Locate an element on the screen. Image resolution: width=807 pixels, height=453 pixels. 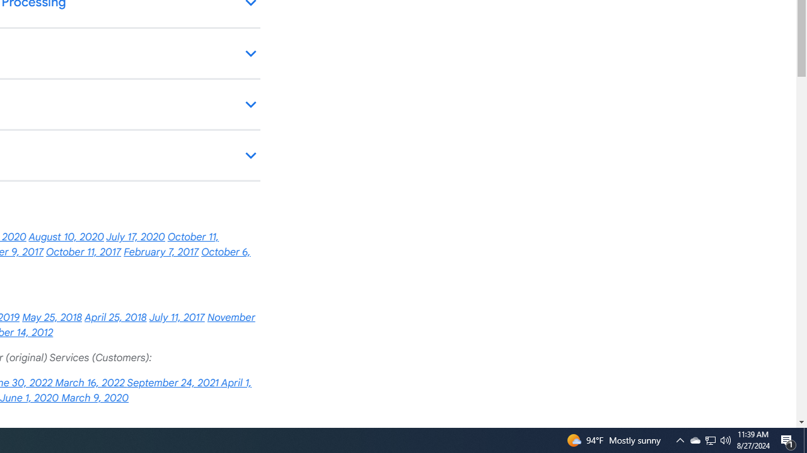
'August 10, 2020' is located at coordinates (66, 237).